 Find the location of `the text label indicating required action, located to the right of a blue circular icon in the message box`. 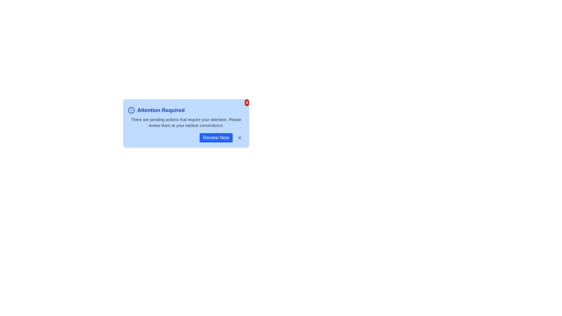

the text label indicating required action, located to the right of a blue circular icon in the message box is located at coordinates (161, 110).